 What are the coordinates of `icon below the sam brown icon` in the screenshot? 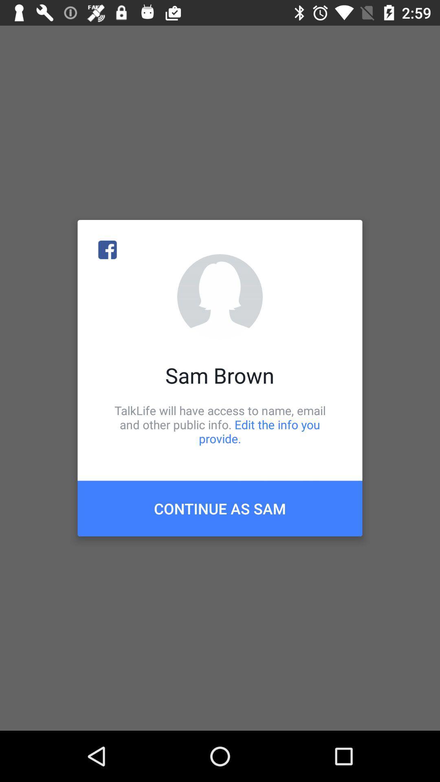 It's located at (220, 424).